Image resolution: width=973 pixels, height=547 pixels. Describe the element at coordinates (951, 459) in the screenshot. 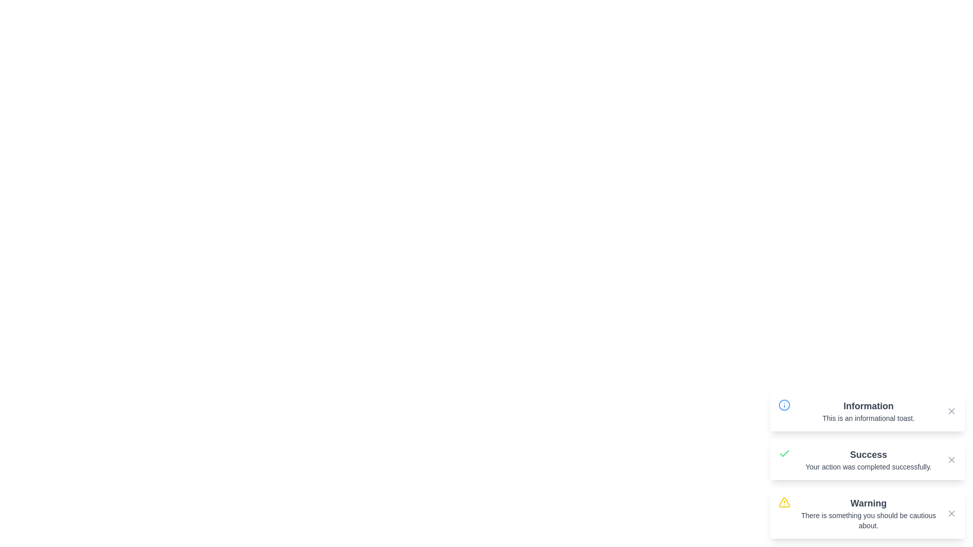

I see `the close button located at the top-right corner of the 'Success' notification panel` at that location.